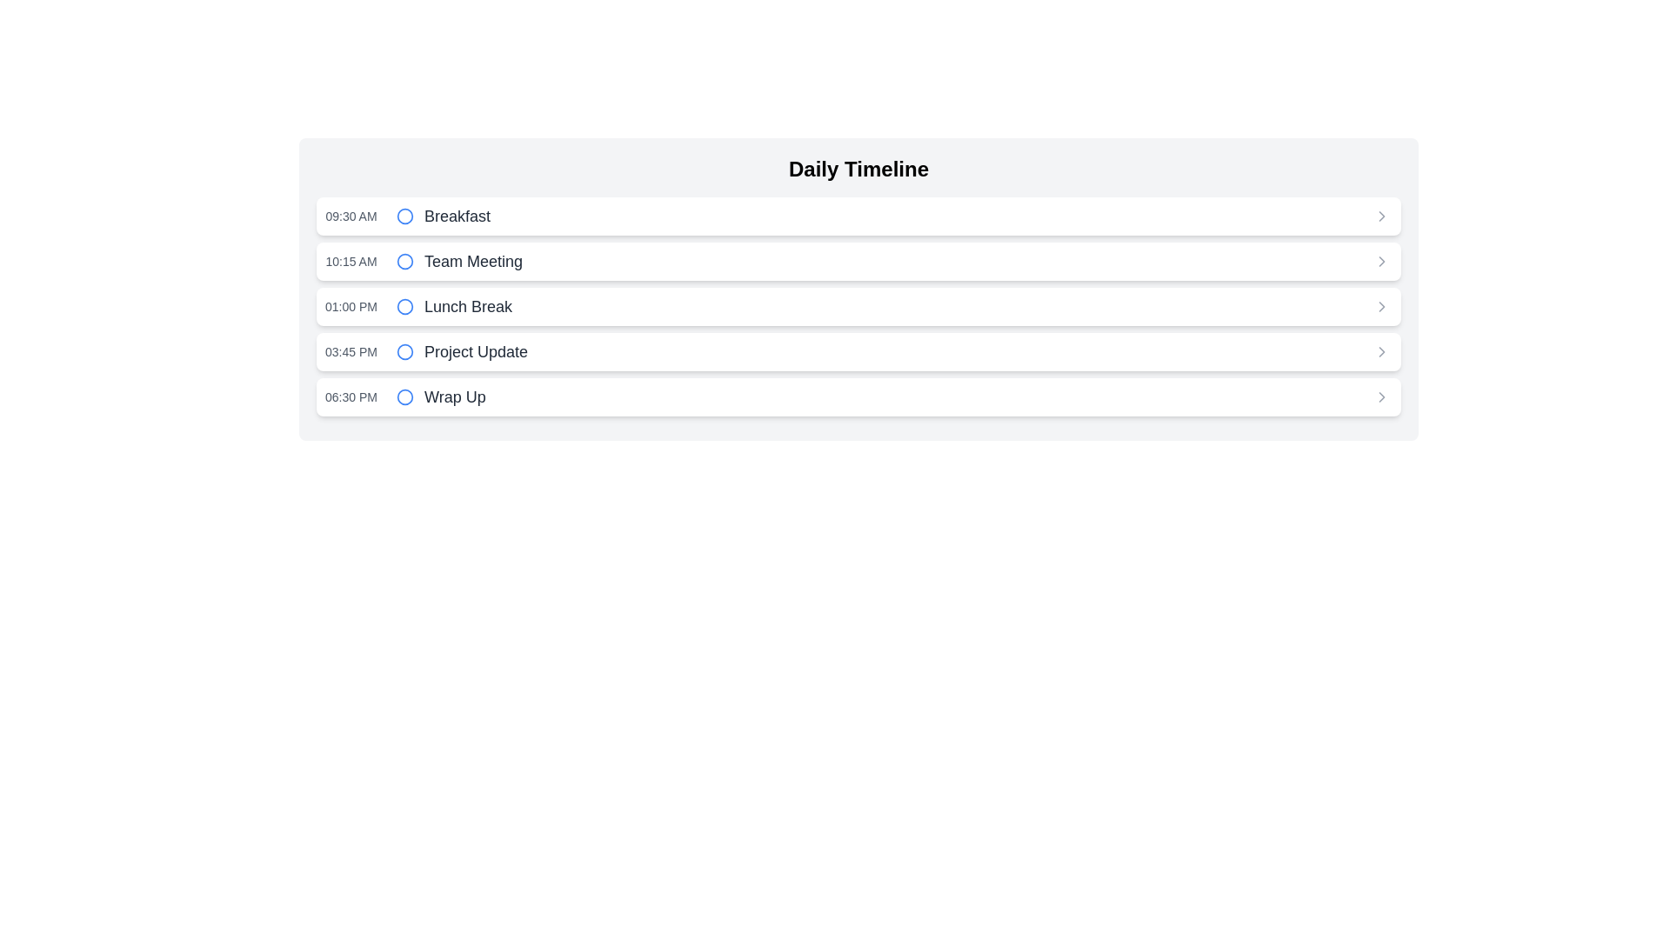  Describe the element at coordinates (858, 352) in the screenshot. I see `the fourth entry in the 'Daily Timeline' which summarizes the 'Project Update' scheduled for 03:45 PM` at that location.